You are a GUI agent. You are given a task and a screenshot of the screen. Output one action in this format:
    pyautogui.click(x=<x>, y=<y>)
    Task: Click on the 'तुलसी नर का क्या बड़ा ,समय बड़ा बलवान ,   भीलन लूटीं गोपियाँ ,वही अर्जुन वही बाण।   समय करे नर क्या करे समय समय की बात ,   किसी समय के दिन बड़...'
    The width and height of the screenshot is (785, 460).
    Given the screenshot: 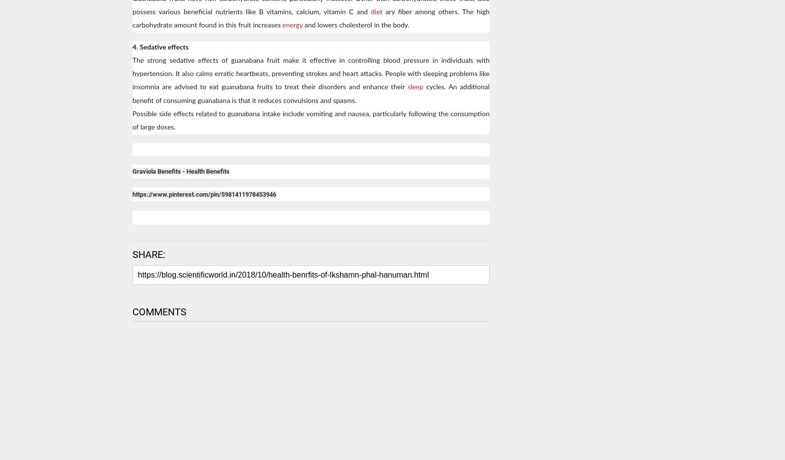 What is the action you would take?
    pyautogui.click(x=586, y=373)
    